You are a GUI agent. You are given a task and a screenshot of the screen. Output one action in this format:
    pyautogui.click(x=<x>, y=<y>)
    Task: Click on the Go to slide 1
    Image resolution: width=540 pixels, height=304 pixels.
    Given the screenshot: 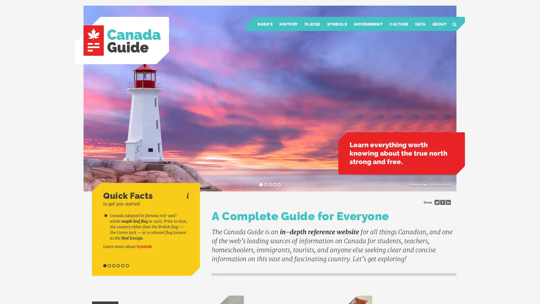 What is the action you would take?
    pyautogui.click(x=105, y=266)
    